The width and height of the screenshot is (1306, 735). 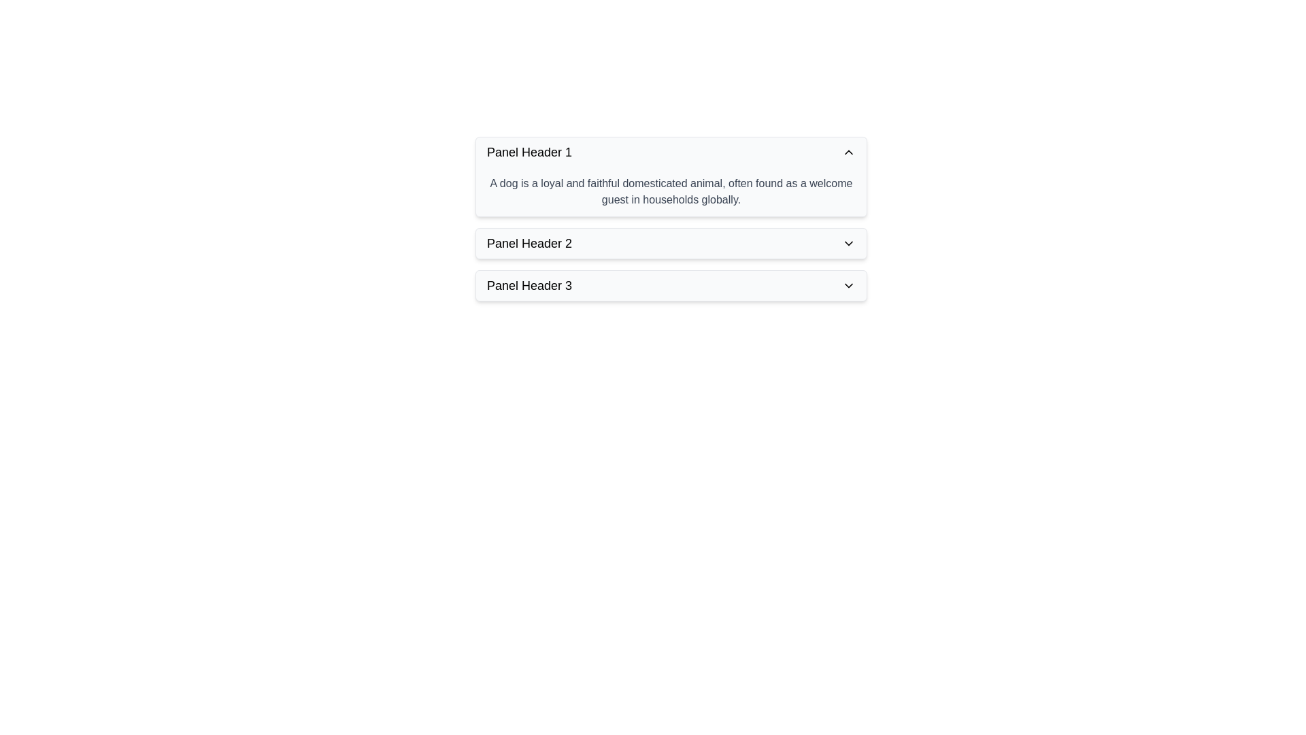 What do you see at coordinates (671, 285) in the screenshot?
I see `the Collapsible panel header located at the bottom of the vertical stack of panel headers for accessibility purposes` at bounding box center [671, 285].